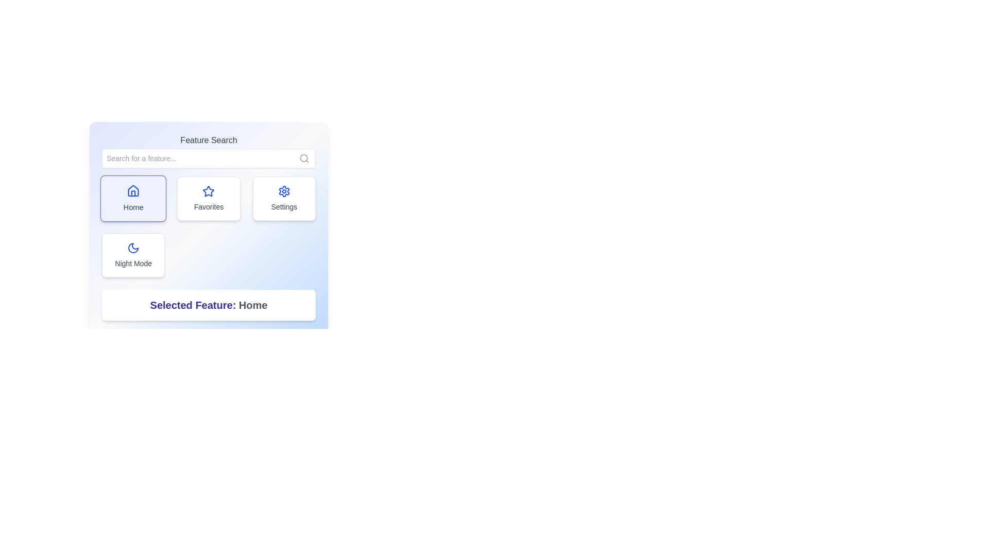  What do you see at coordinates (208, 206) in the screenshot?
I see `'Favorites' text label located below the star icon in the 'Favorites' card to understand its indication` at bounding box center [208, 206].